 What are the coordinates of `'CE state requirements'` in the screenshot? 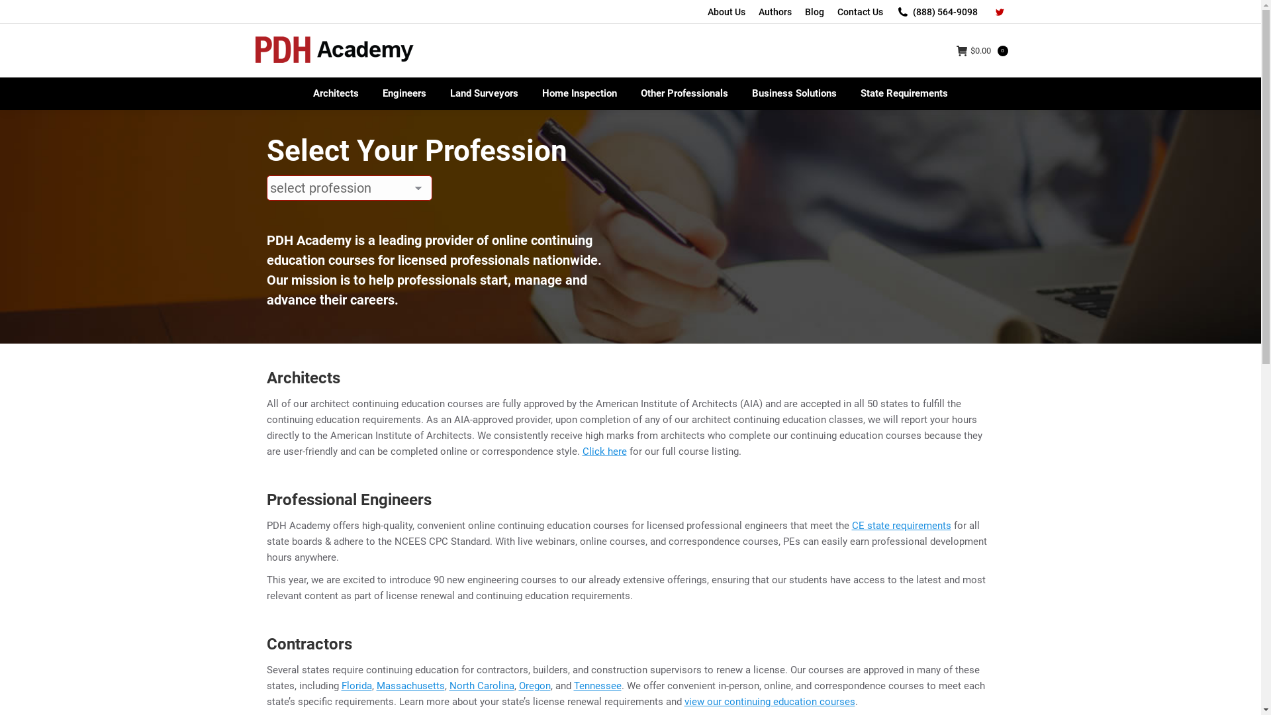 It's located at (900, 525).